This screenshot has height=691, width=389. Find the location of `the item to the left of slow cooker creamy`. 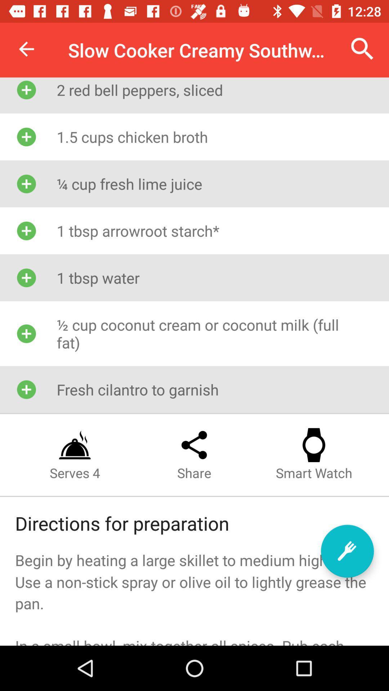

the item to the left of slow cooker creamy is located at coordinates (26, 49).